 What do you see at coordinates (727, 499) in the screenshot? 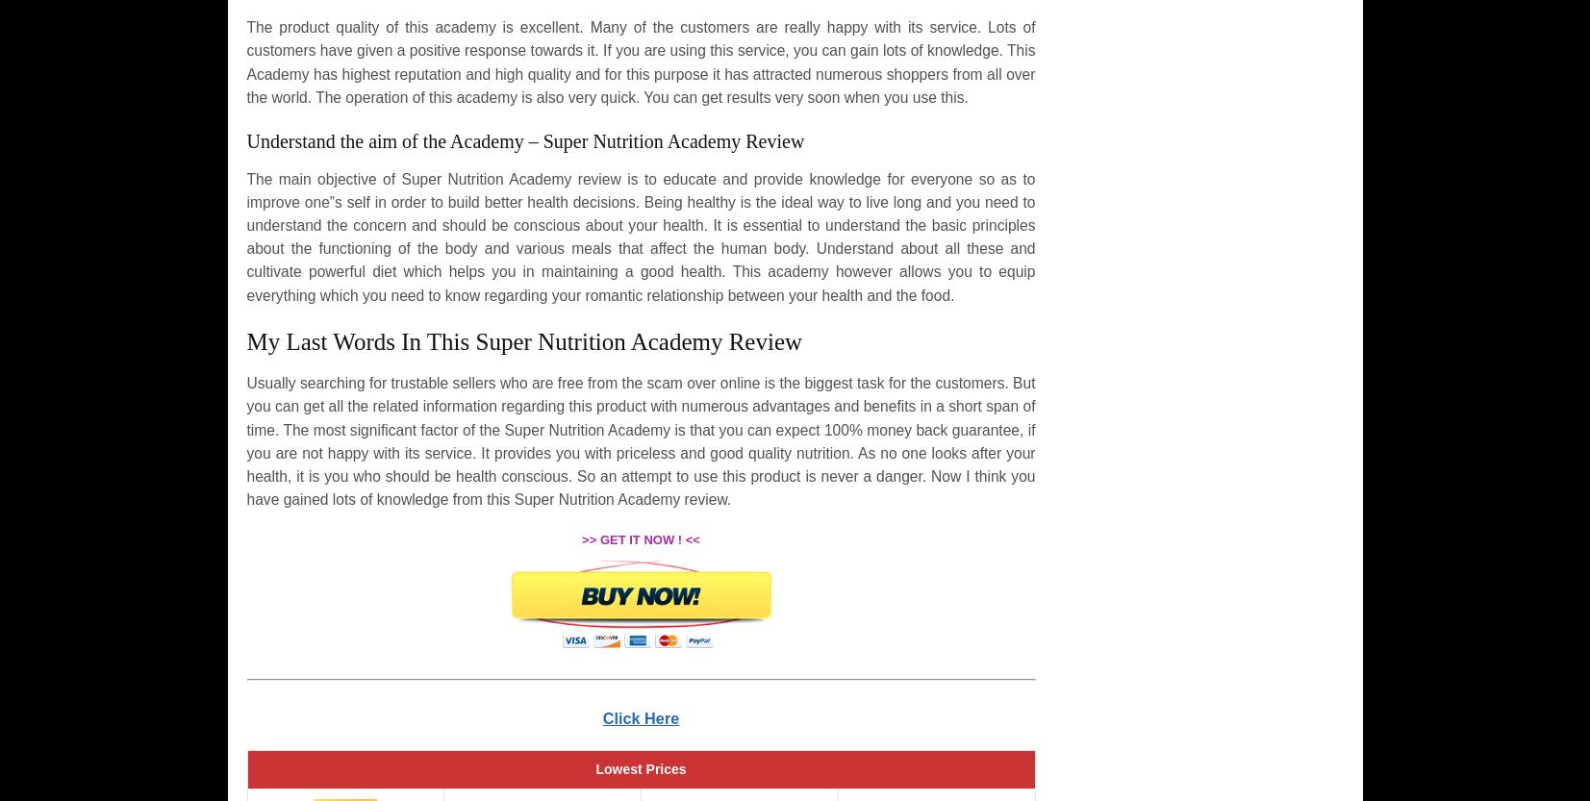
I see `'.'` at bounding box center [727, 499].